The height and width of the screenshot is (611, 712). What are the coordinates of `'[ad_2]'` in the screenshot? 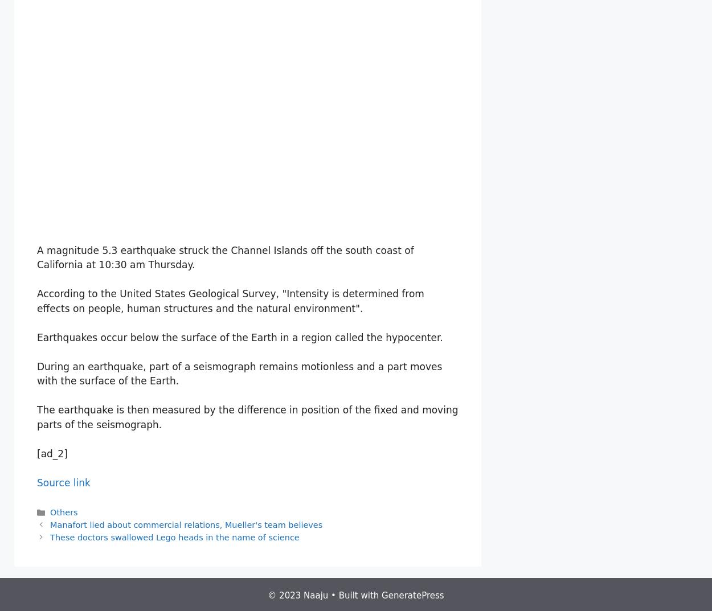 It's located at (36, 453).